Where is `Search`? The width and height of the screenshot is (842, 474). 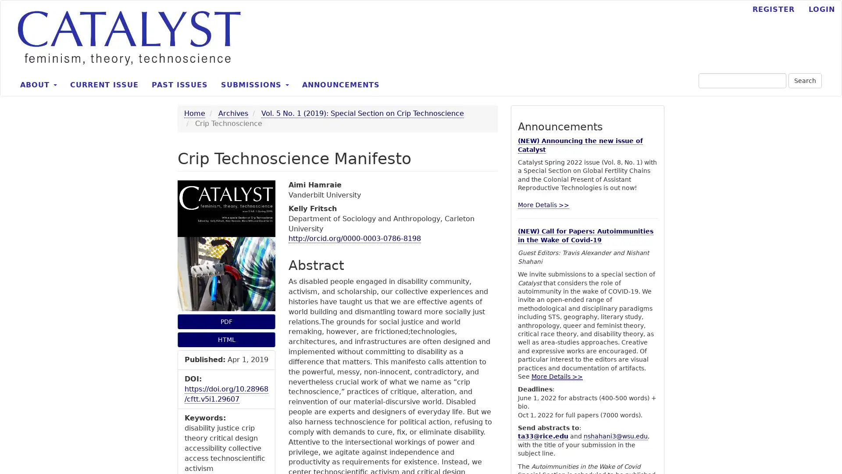
Search is located at coordinates (805, 80).